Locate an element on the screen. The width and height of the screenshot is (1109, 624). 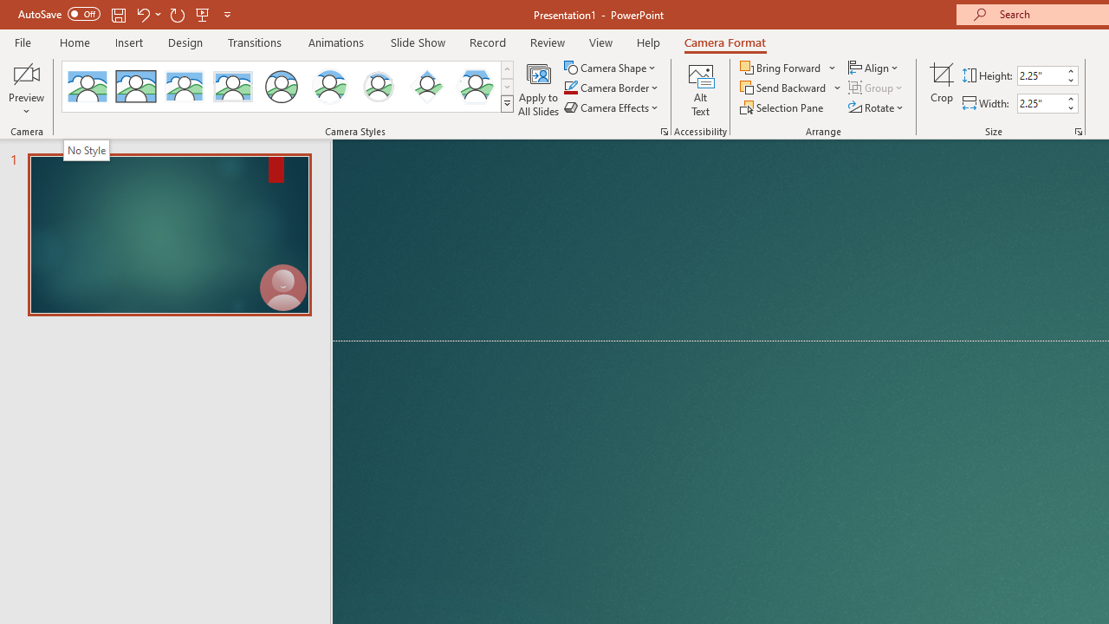
'Apply to All Slides' is located at coordinates (538, 89).